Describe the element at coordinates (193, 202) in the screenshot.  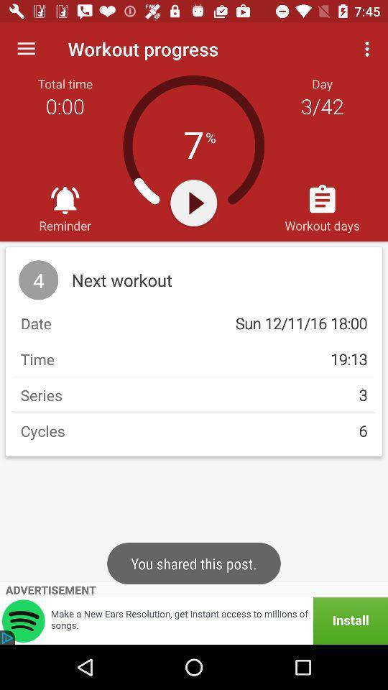
I see `play` at that location.